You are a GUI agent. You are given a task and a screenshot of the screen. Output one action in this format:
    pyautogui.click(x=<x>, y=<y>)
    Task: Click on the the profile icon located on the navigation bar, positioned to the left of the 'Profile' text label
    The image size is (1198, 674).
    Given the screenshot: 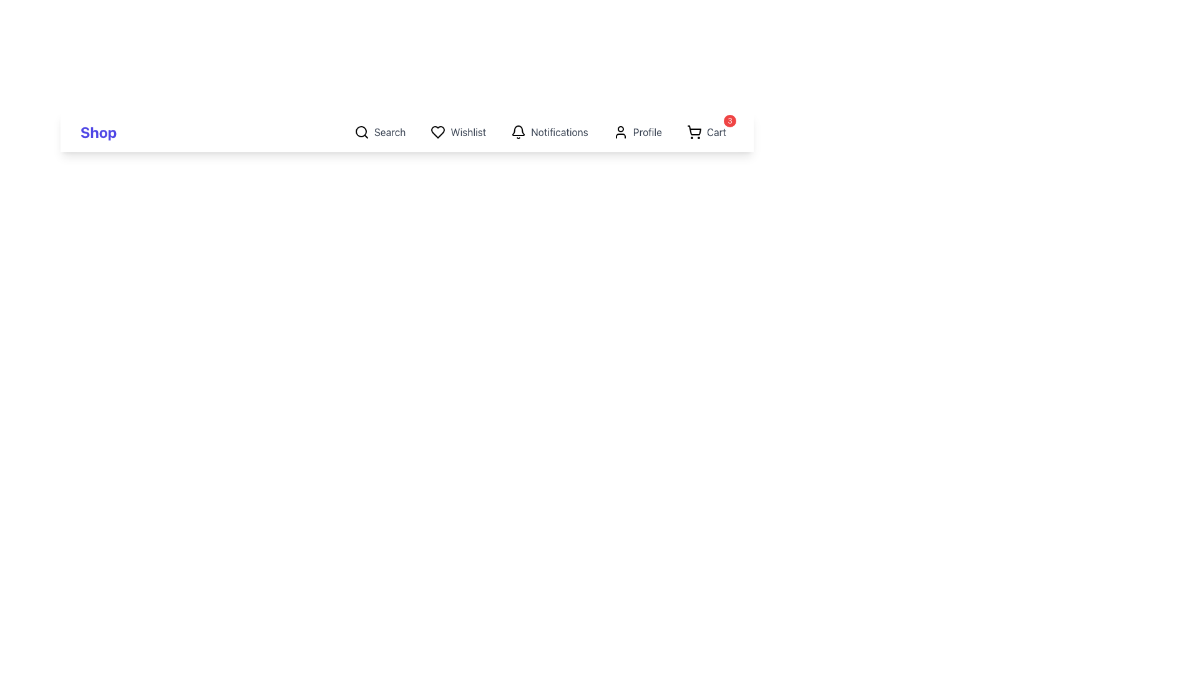 What is the action you would take?
    pyautogui.click(x=620, y=132)
    